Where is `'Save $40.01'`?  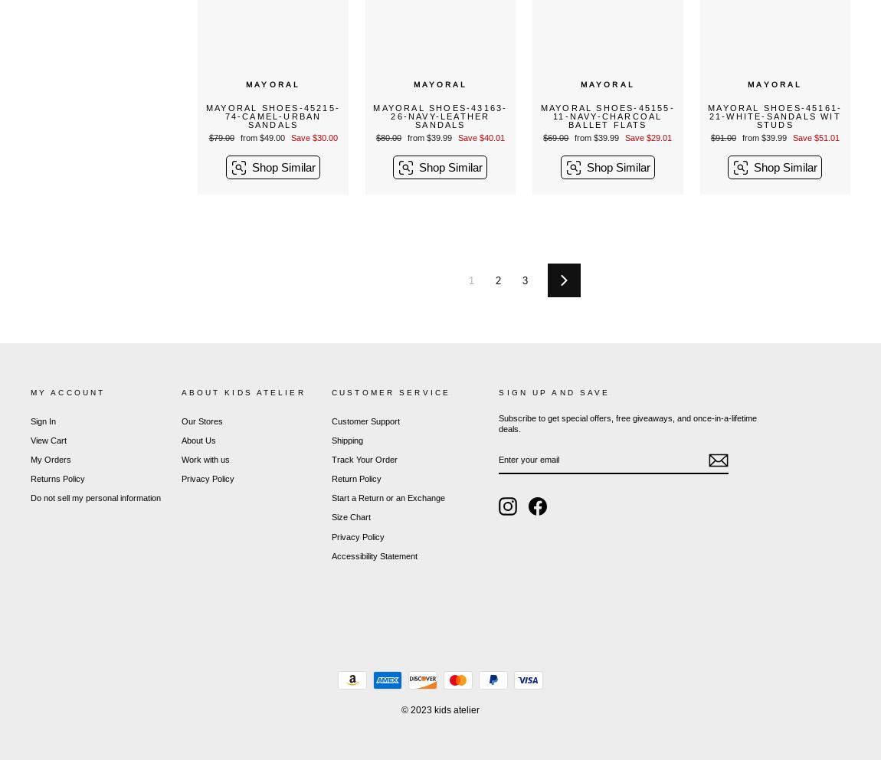
'Save $40.01' is located at coordinates (480, 136).